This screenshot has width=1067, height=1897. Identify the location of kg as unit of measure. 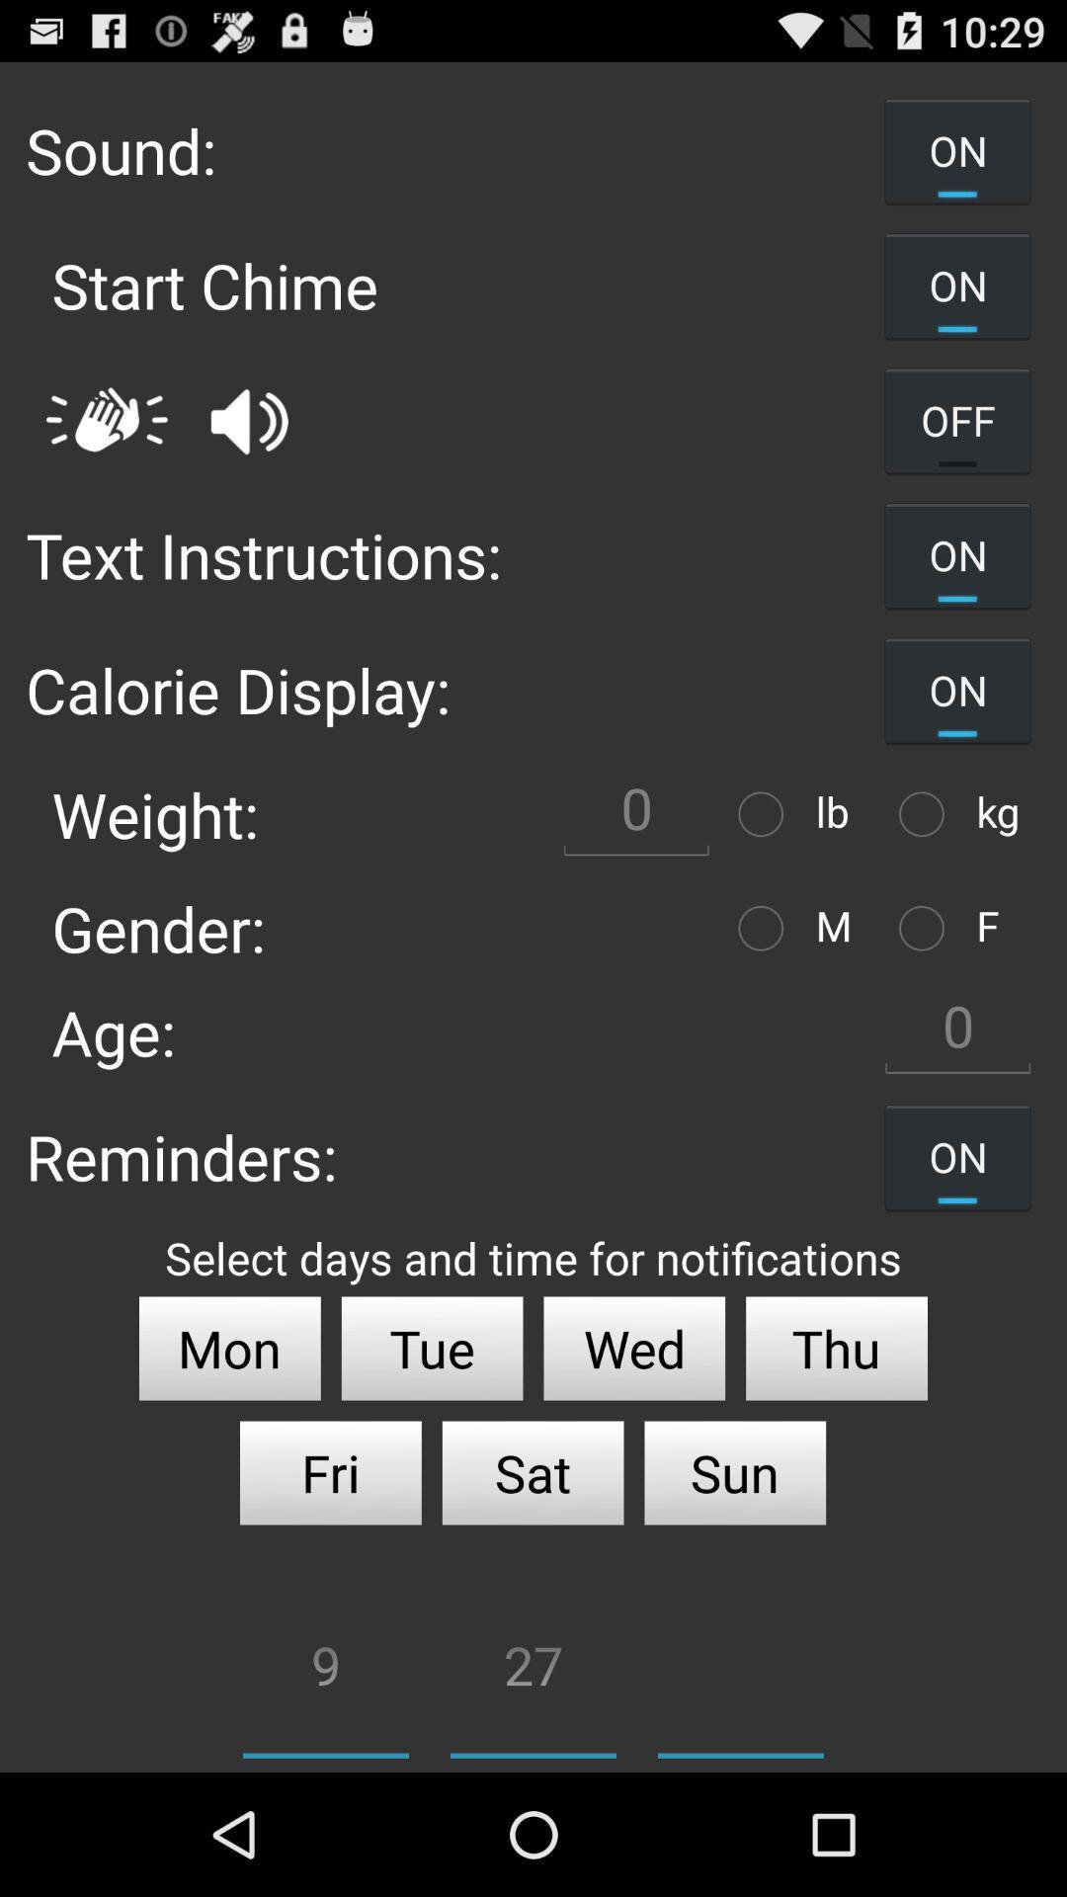
(927, 814).